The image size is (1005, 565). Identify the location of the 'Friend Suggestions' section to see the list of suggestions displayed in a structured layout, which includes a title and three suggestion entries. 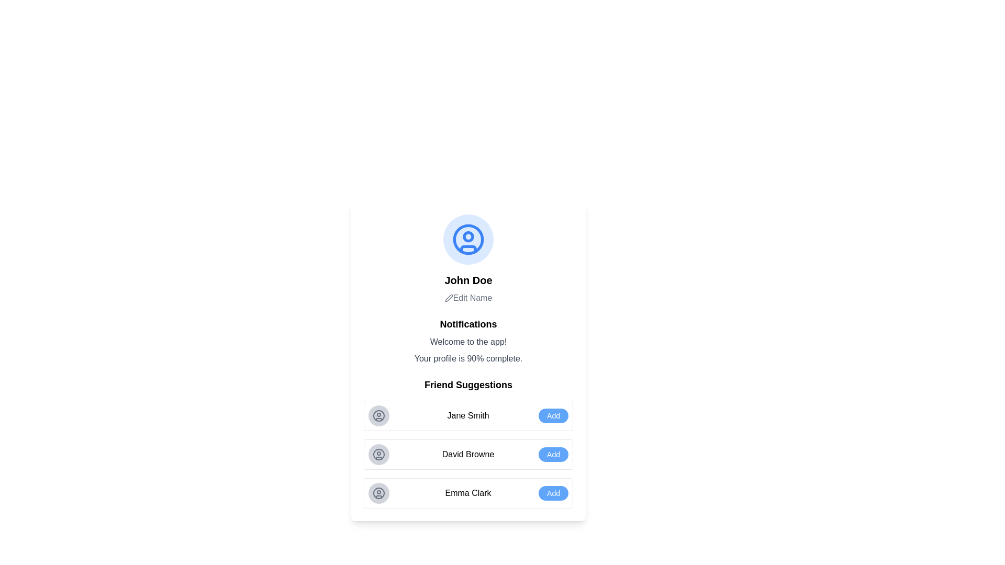
(467, 443).